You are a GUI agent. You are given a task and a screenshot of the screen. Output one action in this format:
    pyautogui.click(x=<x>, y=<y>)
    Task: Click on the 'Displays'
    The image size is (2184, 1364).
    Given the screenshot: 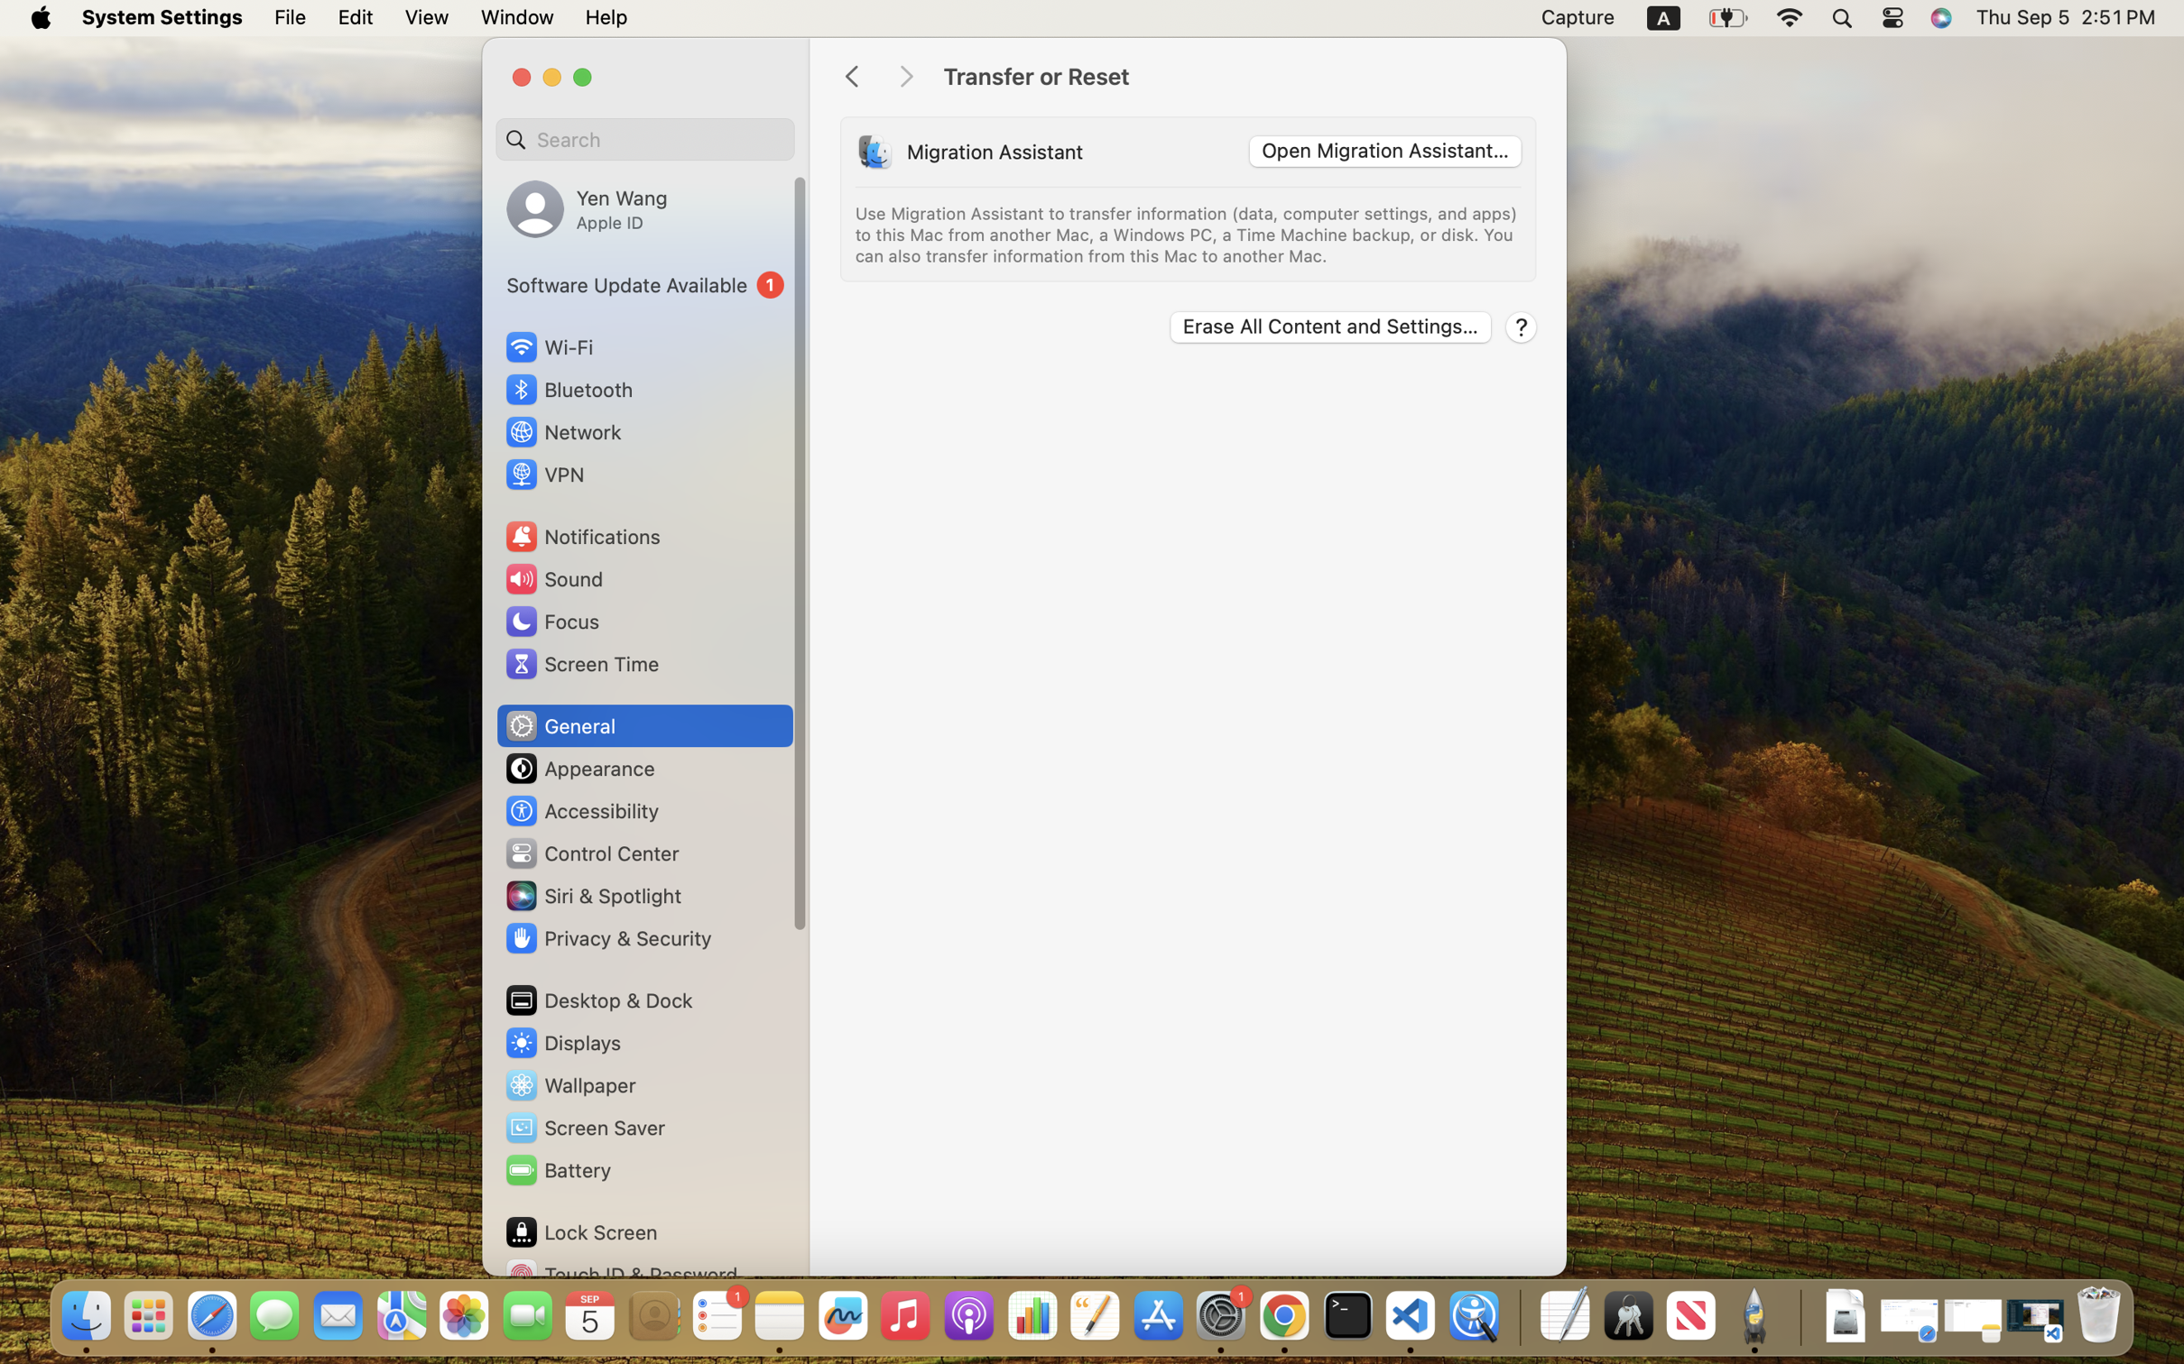 What is the action you would take?
    pyautogui.click(x=562, y=1041)
    